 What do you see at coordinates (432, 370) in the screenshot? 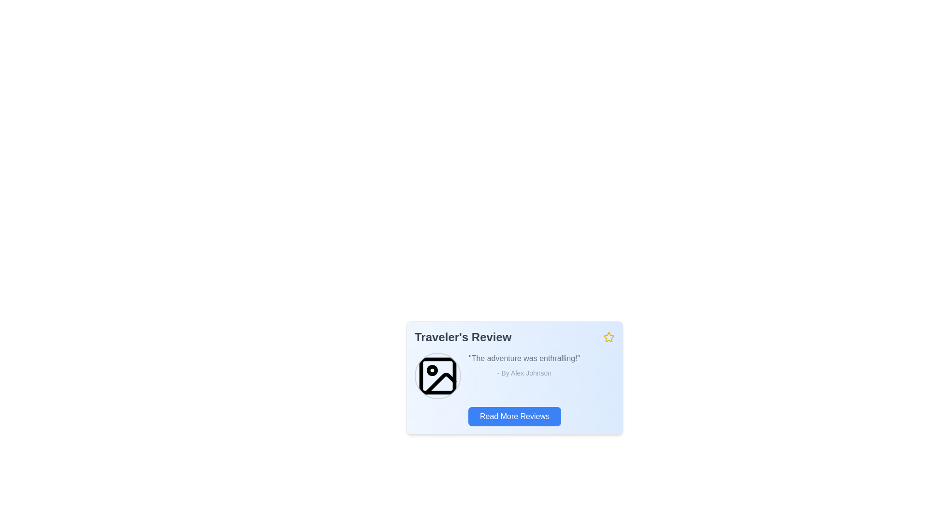
I see `the smaller SVG Circle Element located in the upper-left quadrant of the larger image icon on the left side of the review card` at bounding box center [432, 370].